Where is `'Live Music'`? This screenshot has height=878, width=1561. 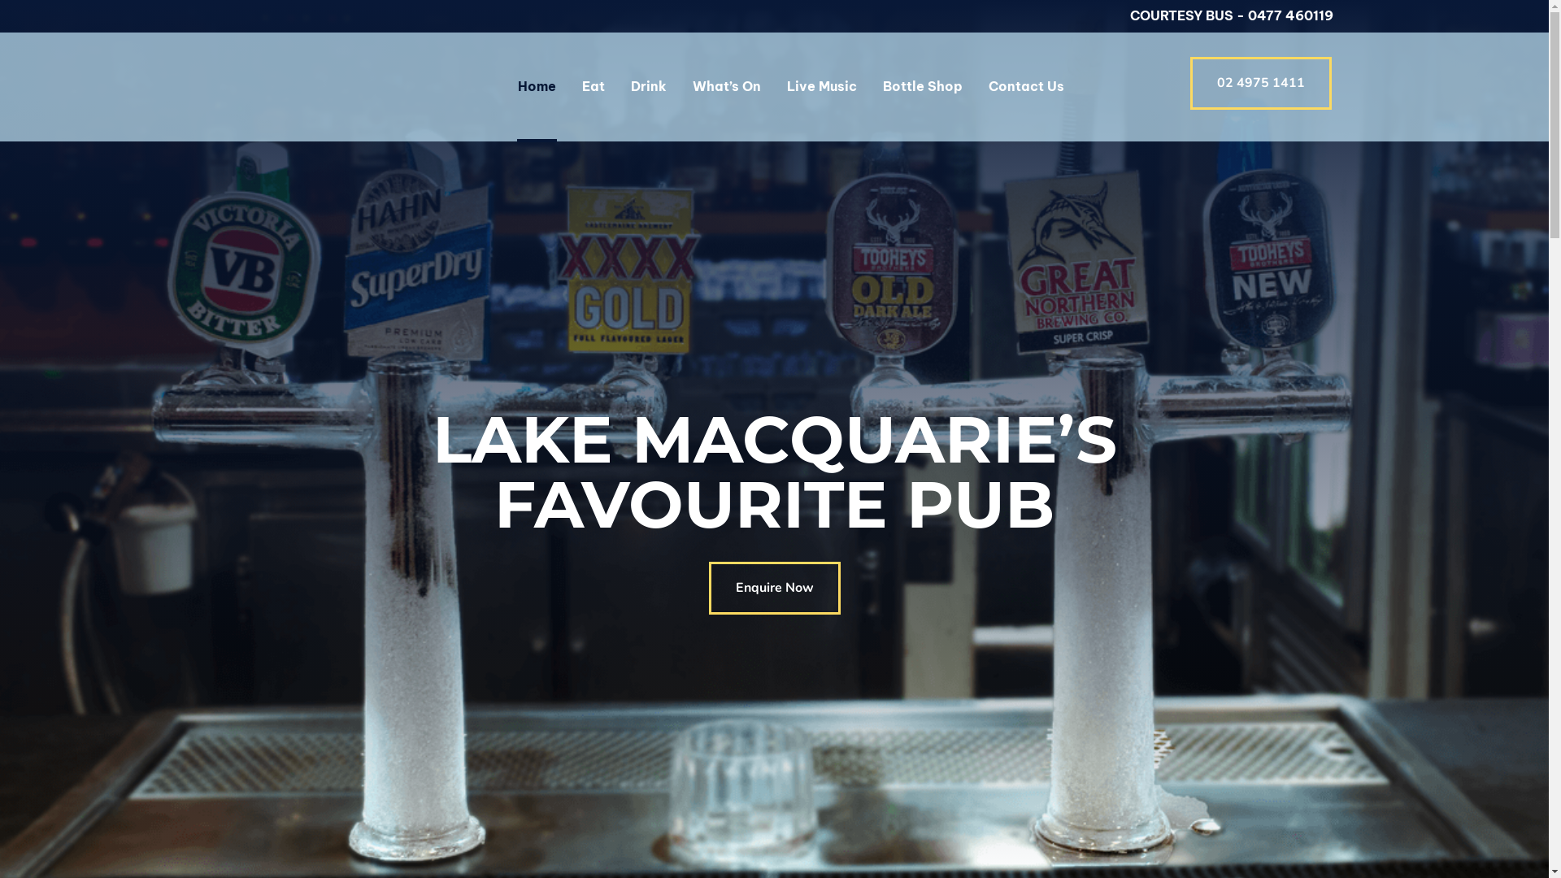
'Live Music' is located at coordinates (822, 85).